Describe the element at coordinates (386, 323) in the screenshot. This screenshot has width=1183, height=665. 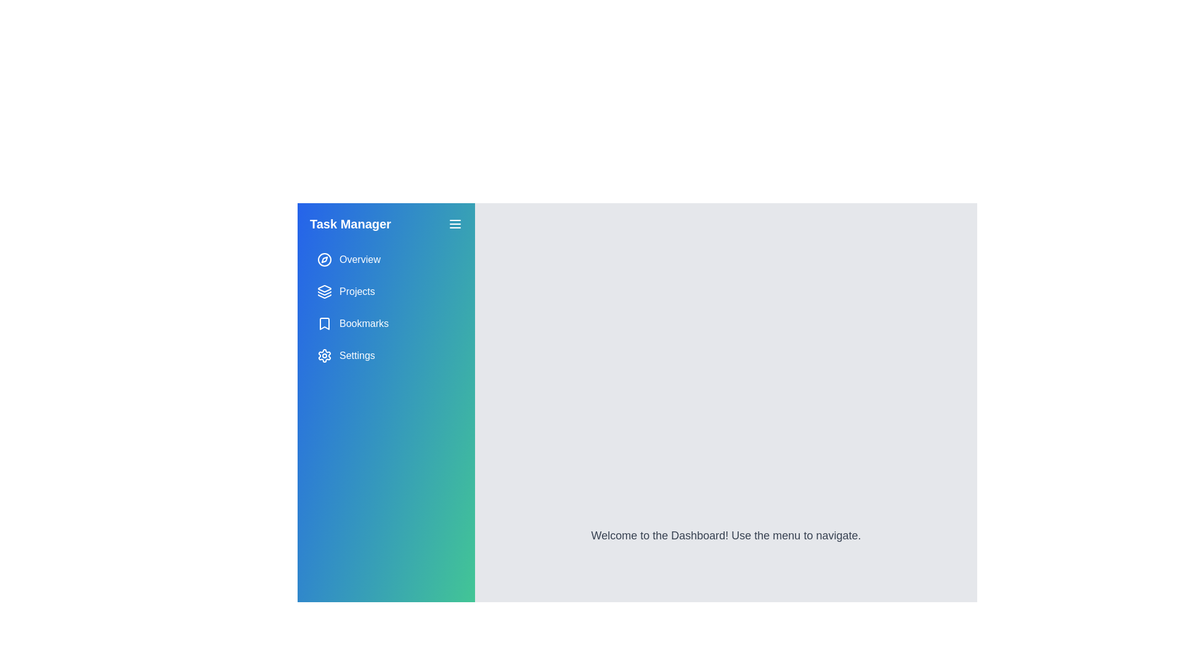
I see `the 'Bookmarks' button in the navigation menu` at that location.